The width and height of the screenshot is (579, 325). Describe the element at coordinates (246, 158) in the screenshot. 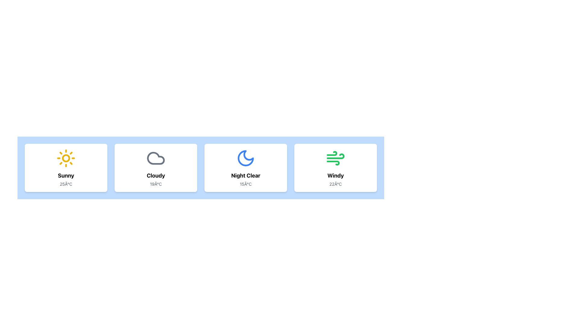

I see `the 'Night Clear' status icon, which is centered in the third card of a horizontal grid of four cards in a weather application` at that location.